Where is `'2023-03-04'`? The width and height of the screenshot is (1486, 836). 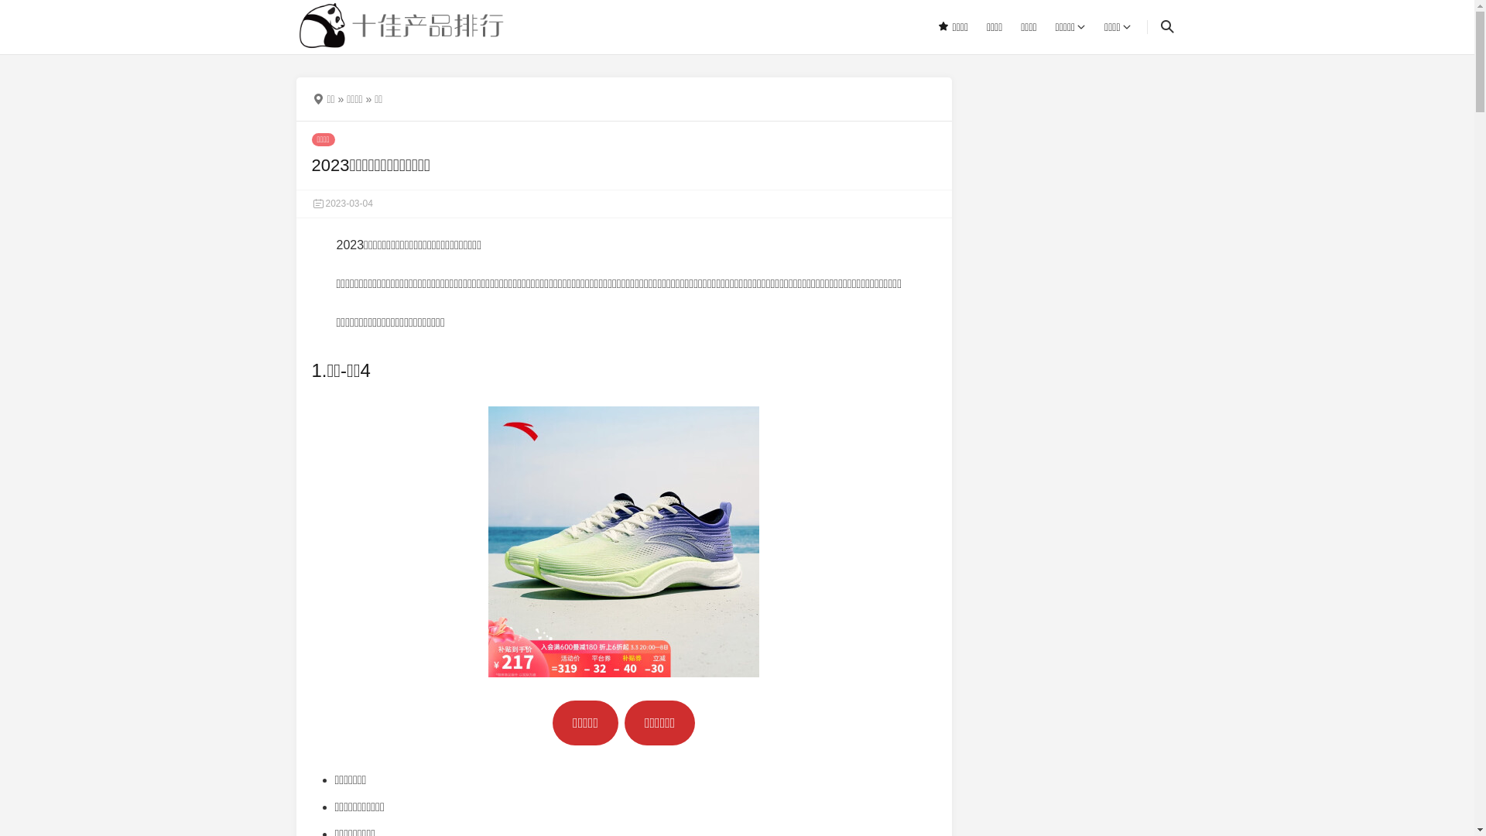 '2023-03-04' is located at coordinates (341, 202).